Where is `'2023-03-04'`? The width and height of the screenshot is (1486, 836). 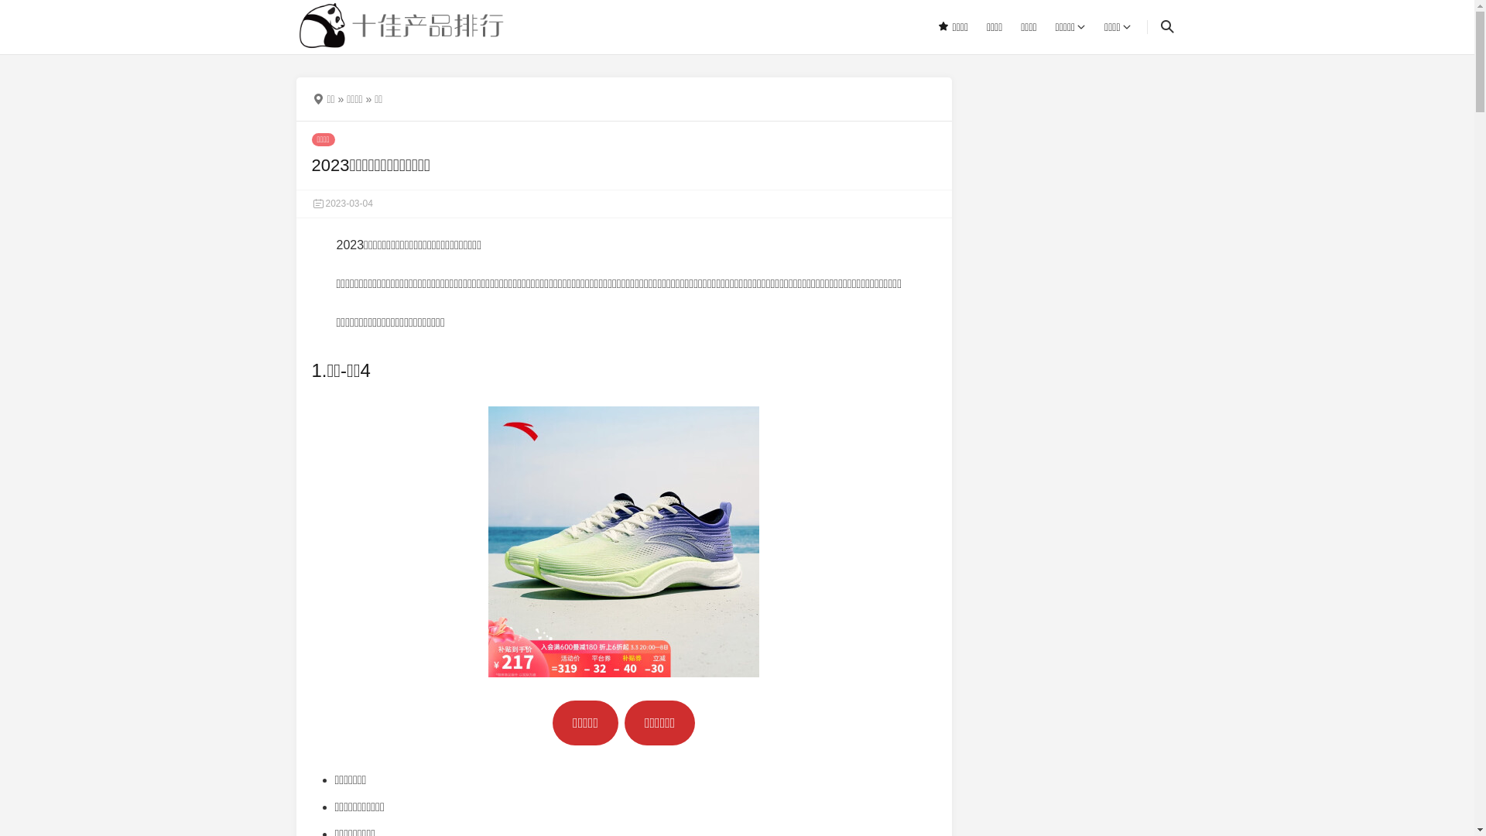 '2023-03-04' is located at coordinates (341, 202).